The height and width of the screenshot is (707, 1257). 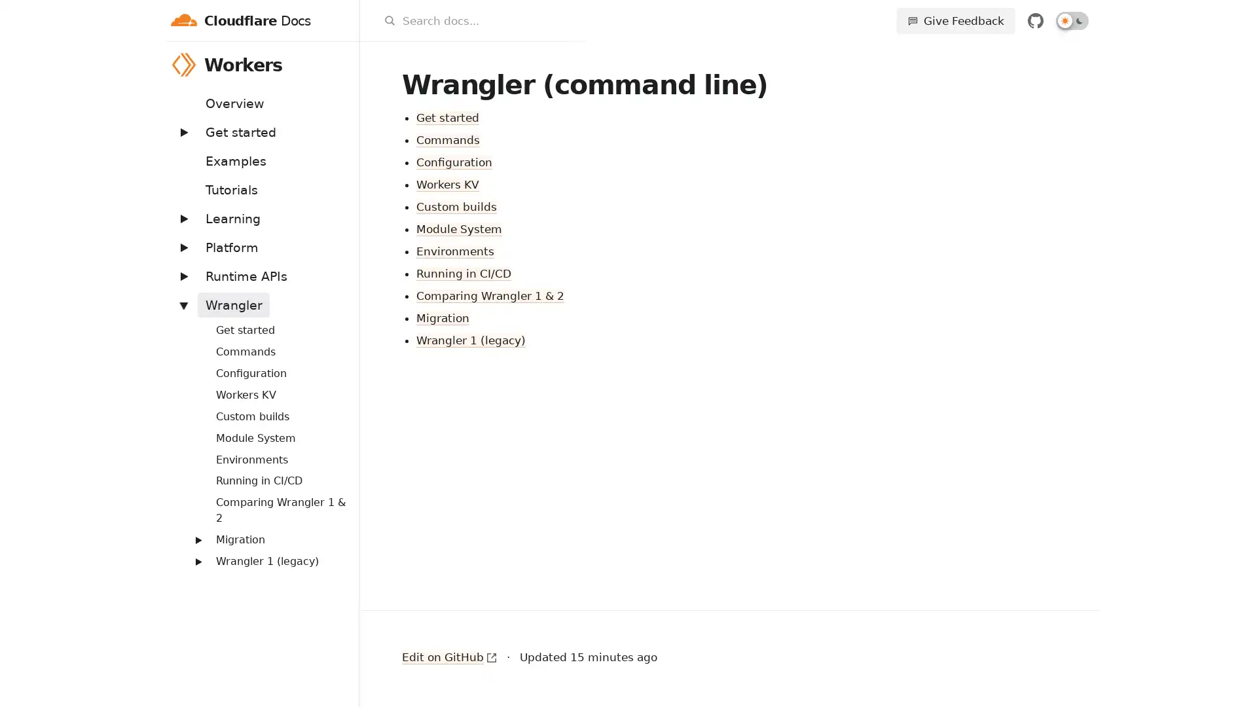 What do you see at coordinates (182, 304) in the screenshot?
I see `Expand: Wrangler` at bounding box center [182, 304].